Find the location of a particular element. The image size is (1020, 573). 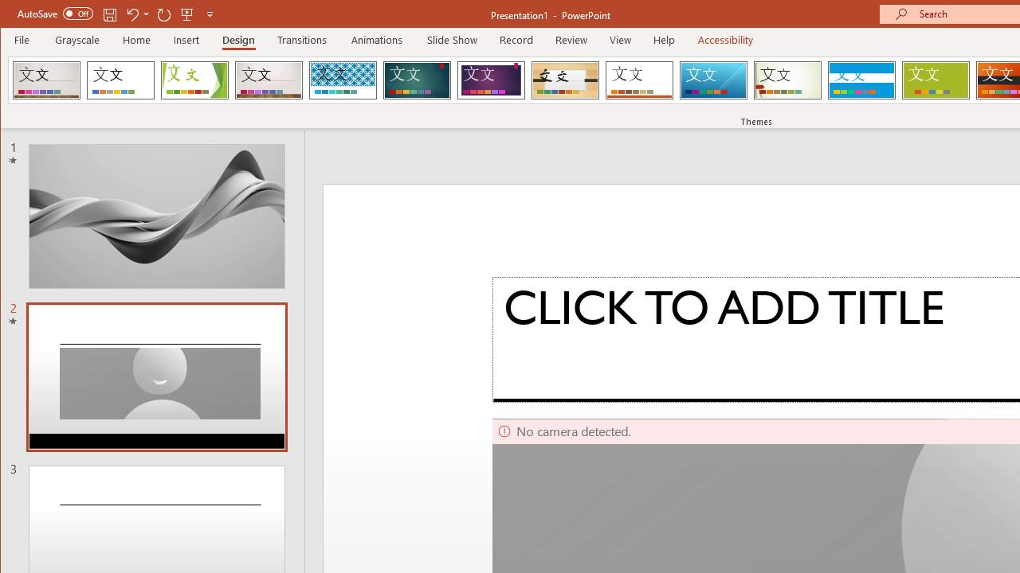

'Office Theme' is located at coordinates (120, 80).